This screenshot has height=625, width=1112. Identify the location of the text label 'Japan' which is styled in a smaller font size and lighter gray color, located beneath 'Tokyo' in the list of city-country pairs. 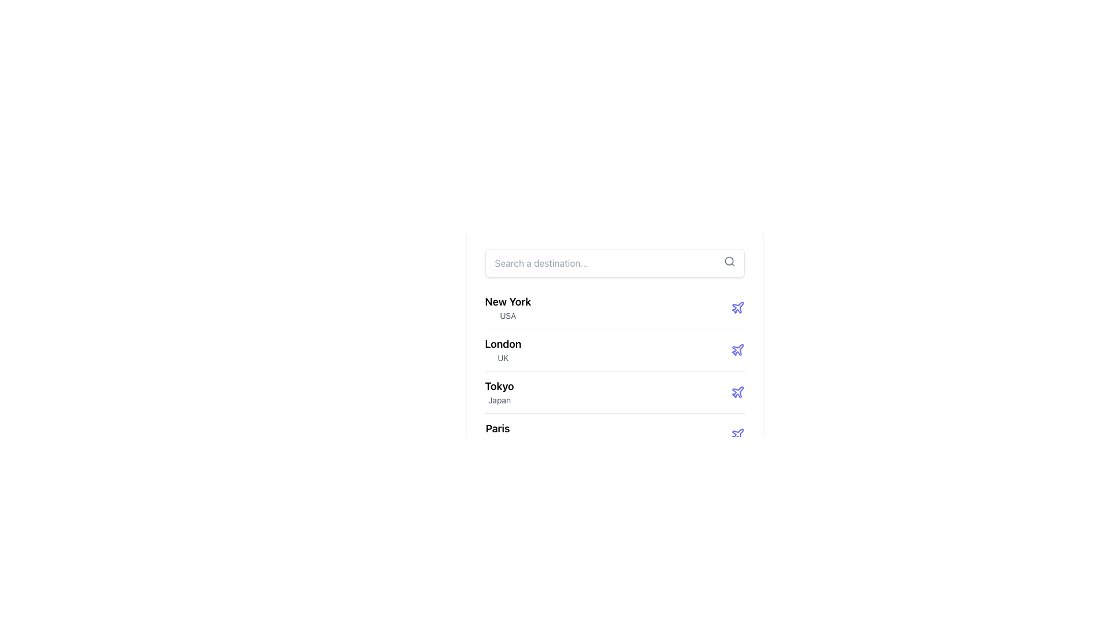
(499, 399).